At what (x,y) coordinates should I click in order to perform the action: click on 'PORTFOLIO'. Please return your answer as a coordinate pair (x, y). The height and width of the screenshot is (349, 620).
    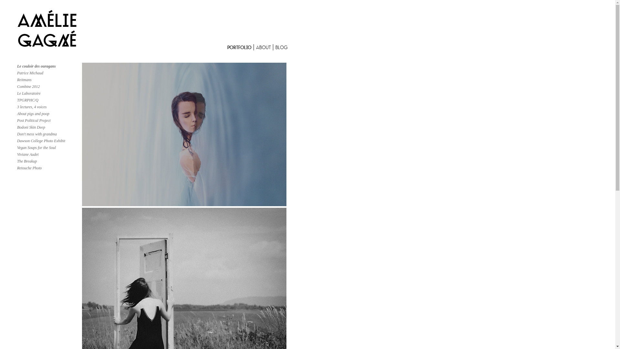
    Looking at the image, I should click on (240, 48).